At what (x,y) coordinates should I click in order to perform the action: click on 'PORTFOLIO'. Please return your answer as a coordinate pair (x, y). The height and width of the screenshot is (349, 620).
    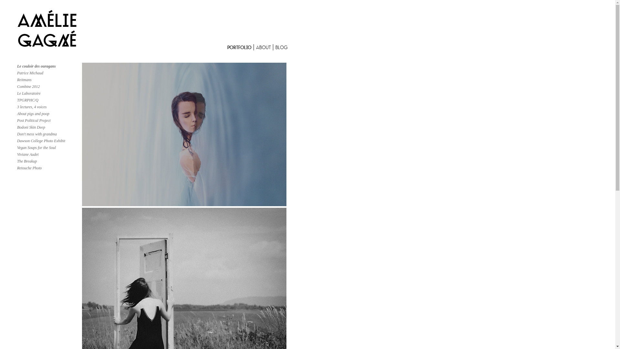
    Looking at the image, I should click on (240, 48).